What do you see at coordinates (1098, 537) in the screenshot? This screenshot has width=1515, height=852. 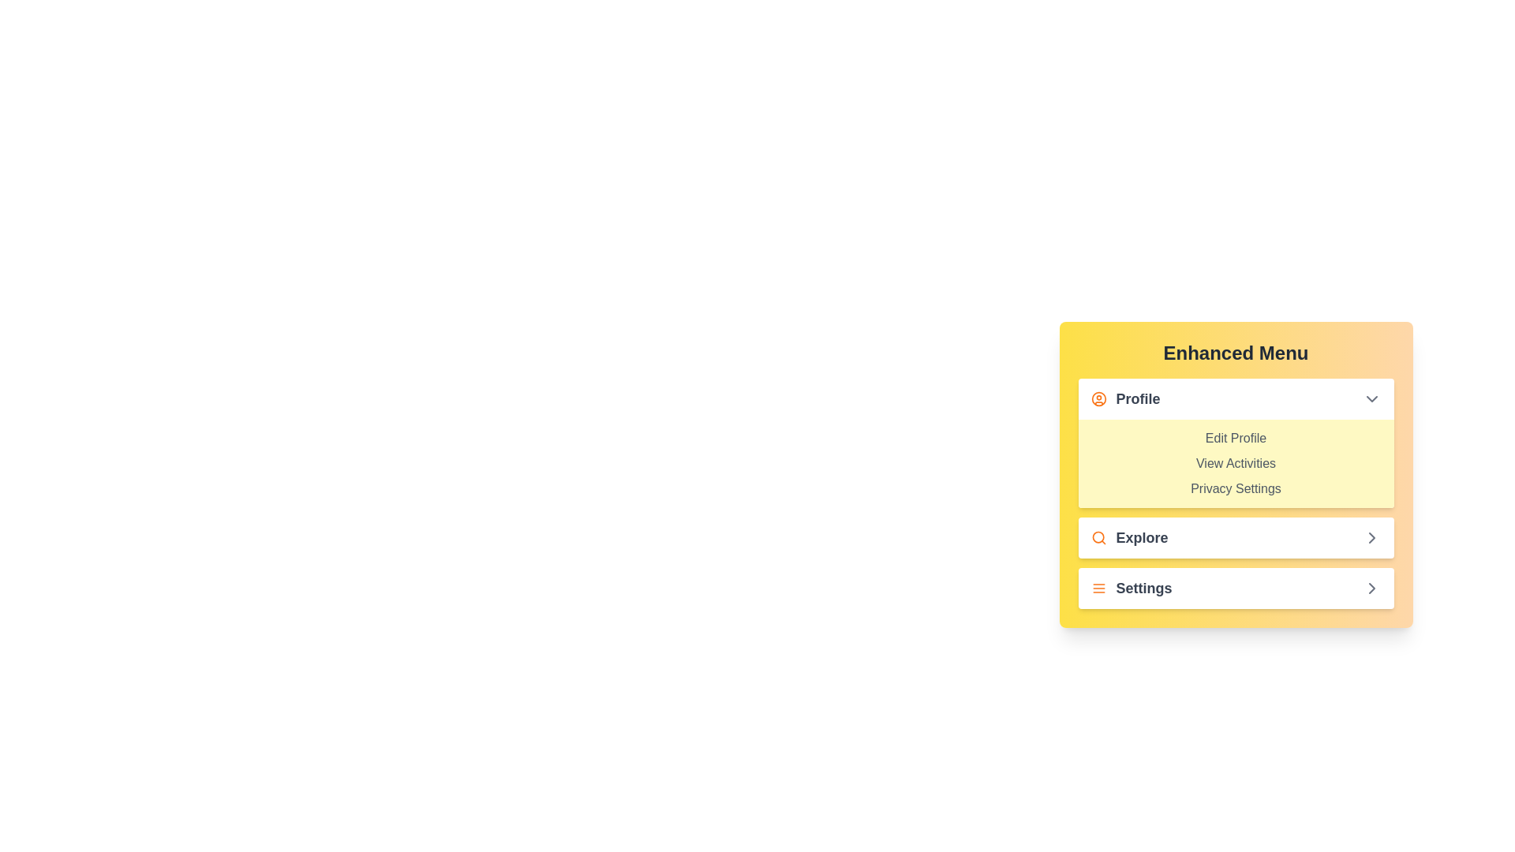 I see `the orange magnifying glass icon located in the 'Explore' section, positioned to the left of the 'Explore' label` at bounding box center [1098, 537].